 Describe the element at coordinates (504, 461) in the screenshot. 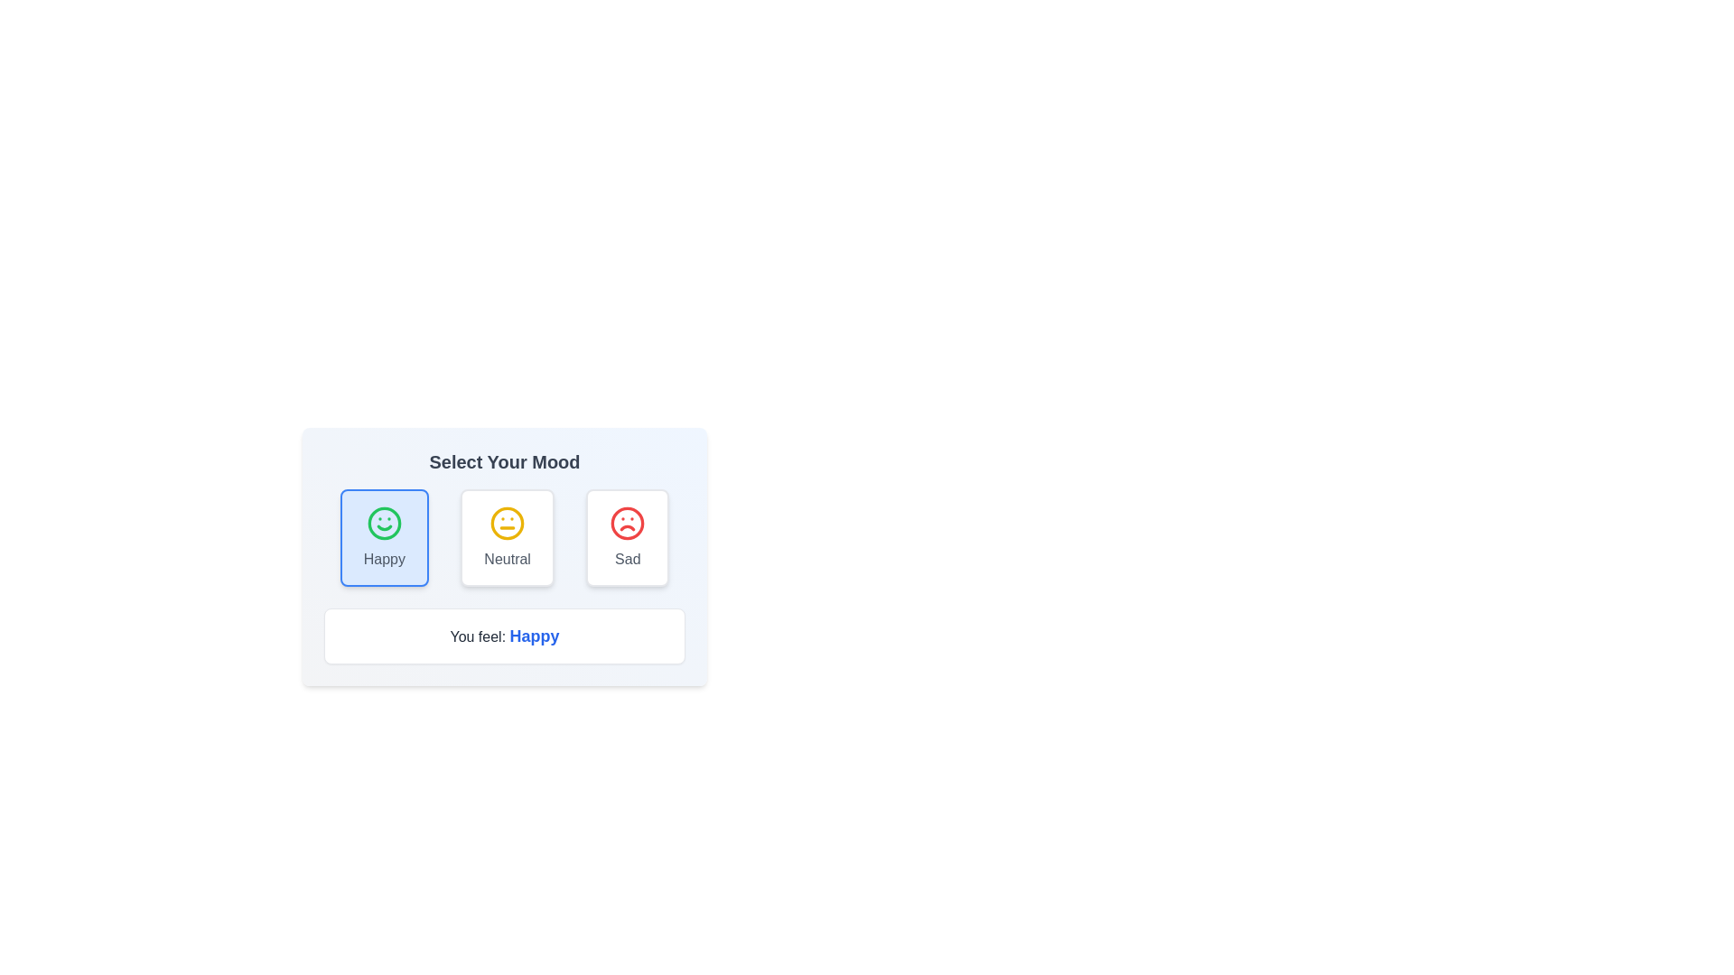

I see `the centered header text reading 'Select Your Mood', which is styled in bold and large gray font, positioned above the mood selection buttons` at that location.